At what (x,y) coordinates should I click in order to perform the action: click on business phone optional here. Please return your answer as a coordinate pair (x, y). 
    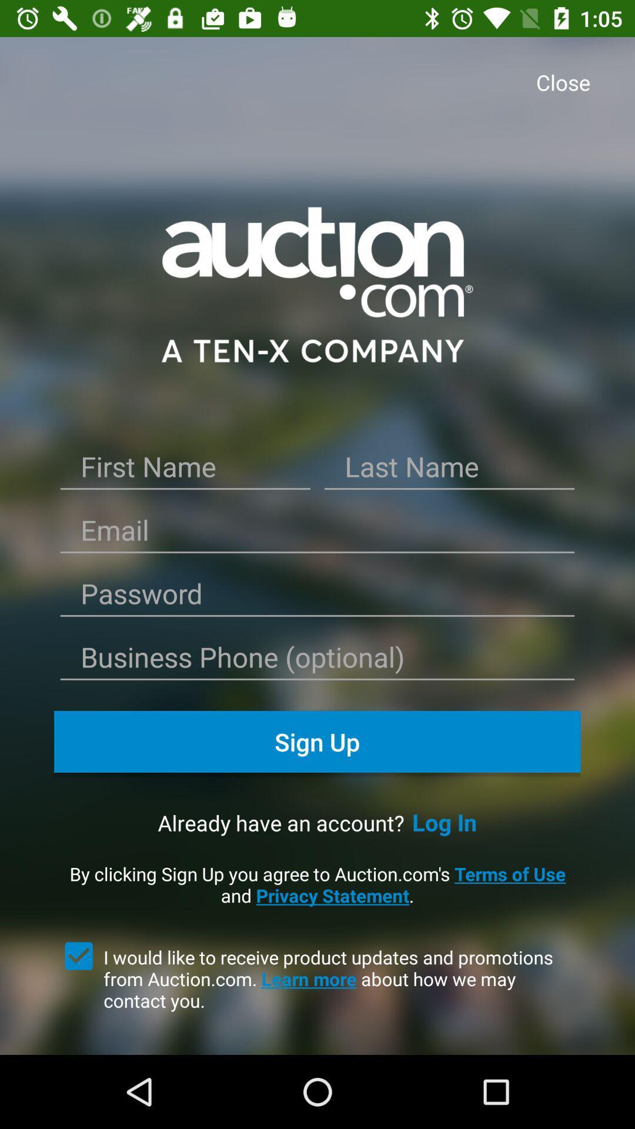
    Looking at the image, I should click on (317, 661).